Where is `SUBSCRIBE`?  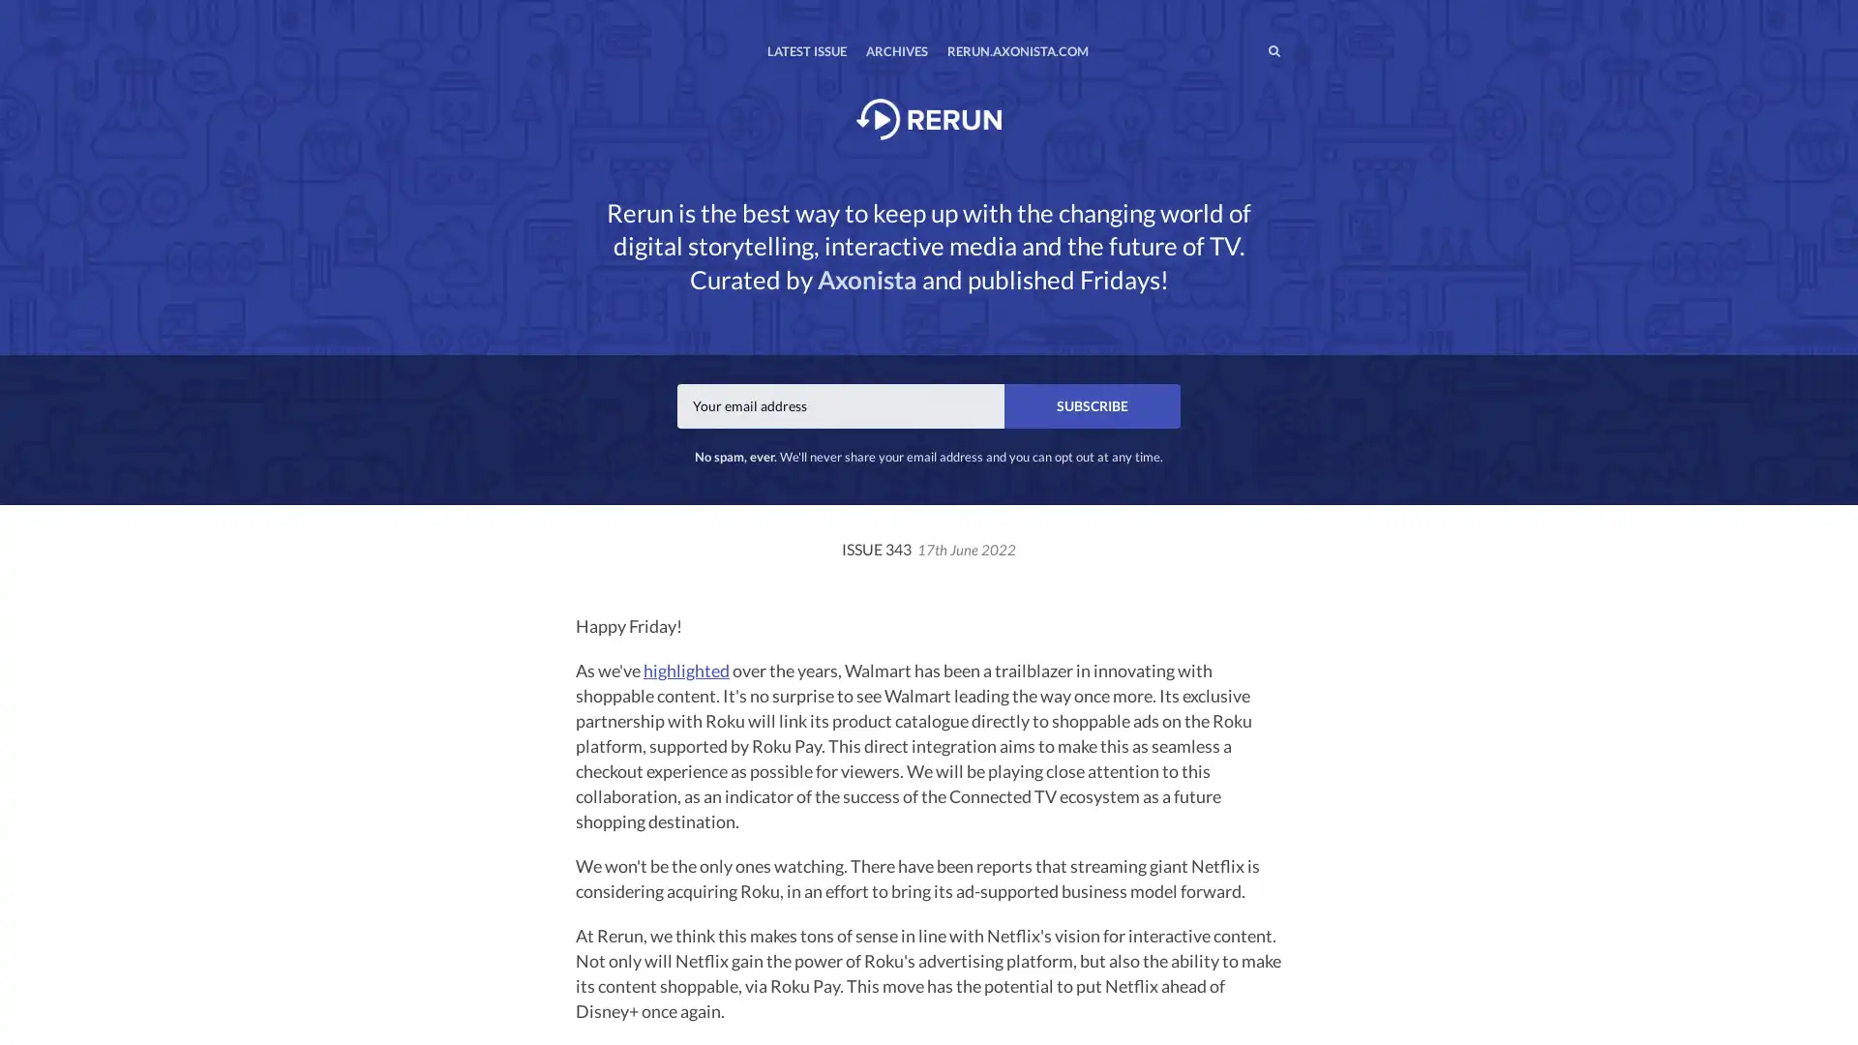 SUBSCRIBE is located at coordinates (1092, 404).